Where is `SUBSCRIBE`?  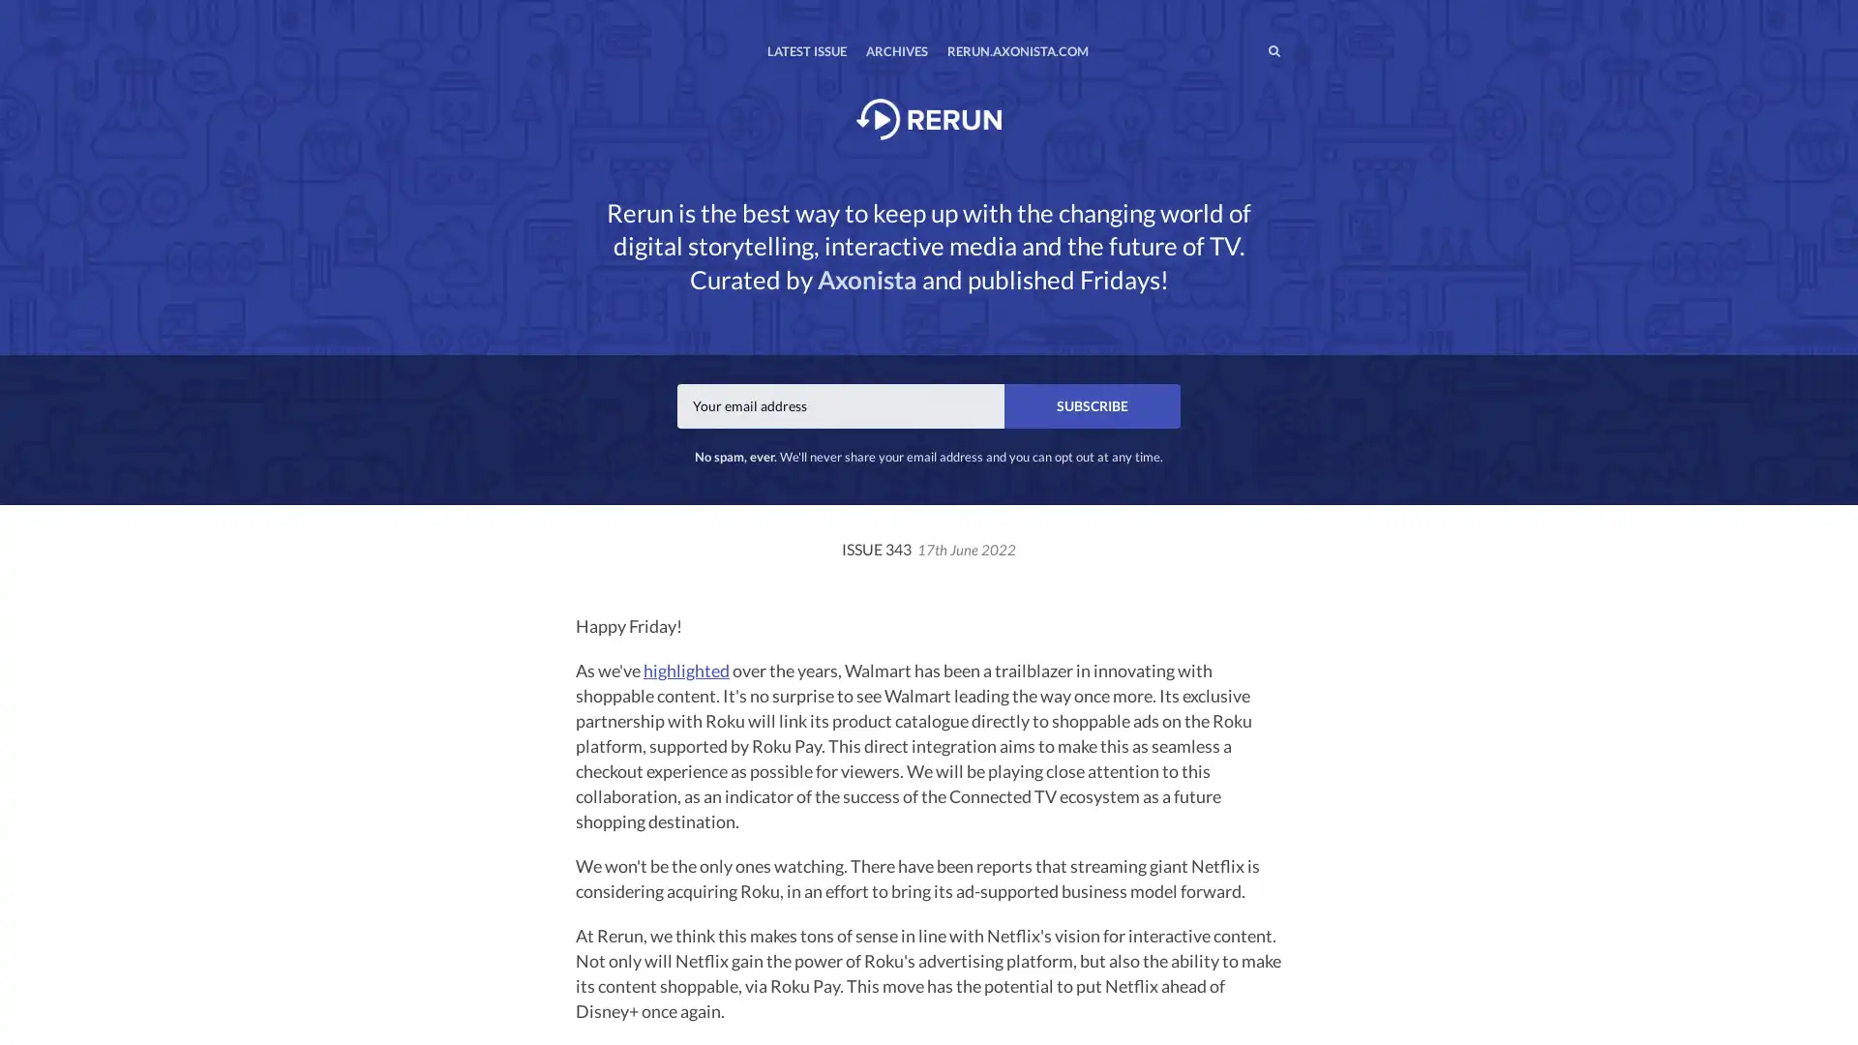 SUBSCRIBE is located at coordinates (1092, 404).